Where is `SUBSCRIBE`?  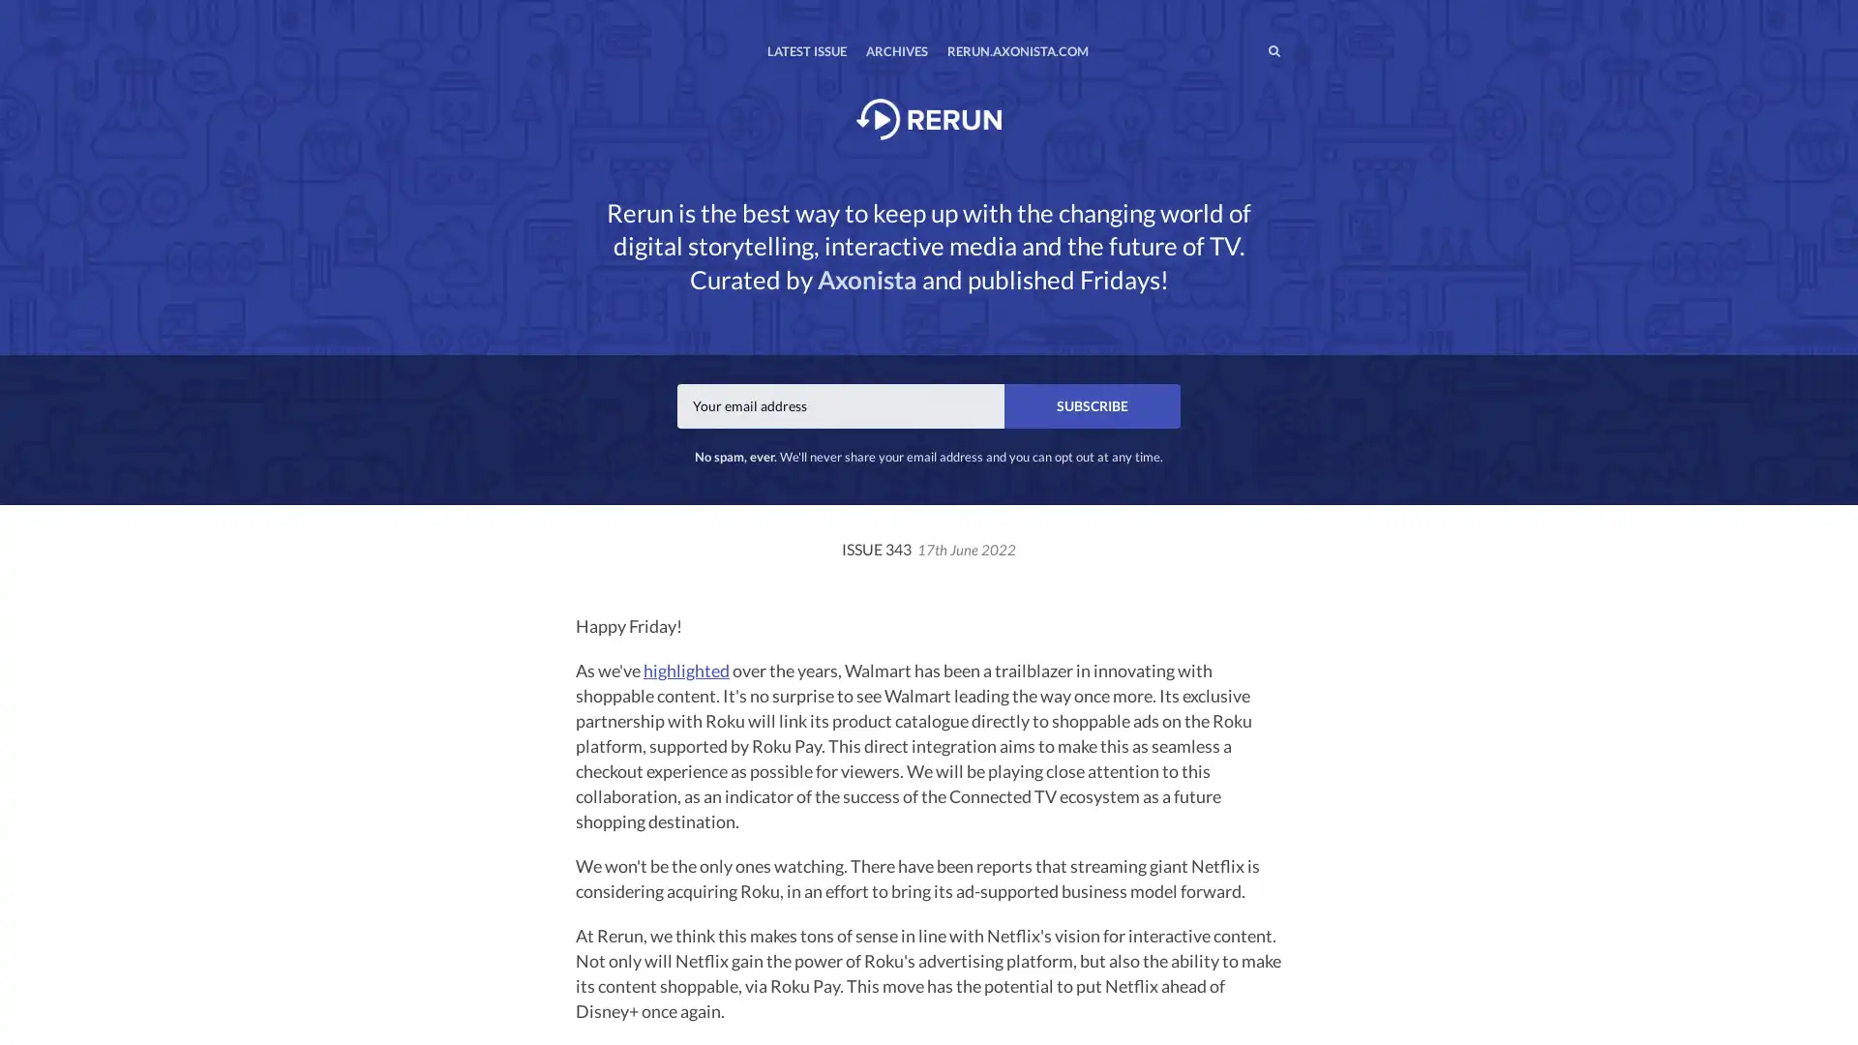 SUBSCRIBE is located at coordinates (1092, 404).